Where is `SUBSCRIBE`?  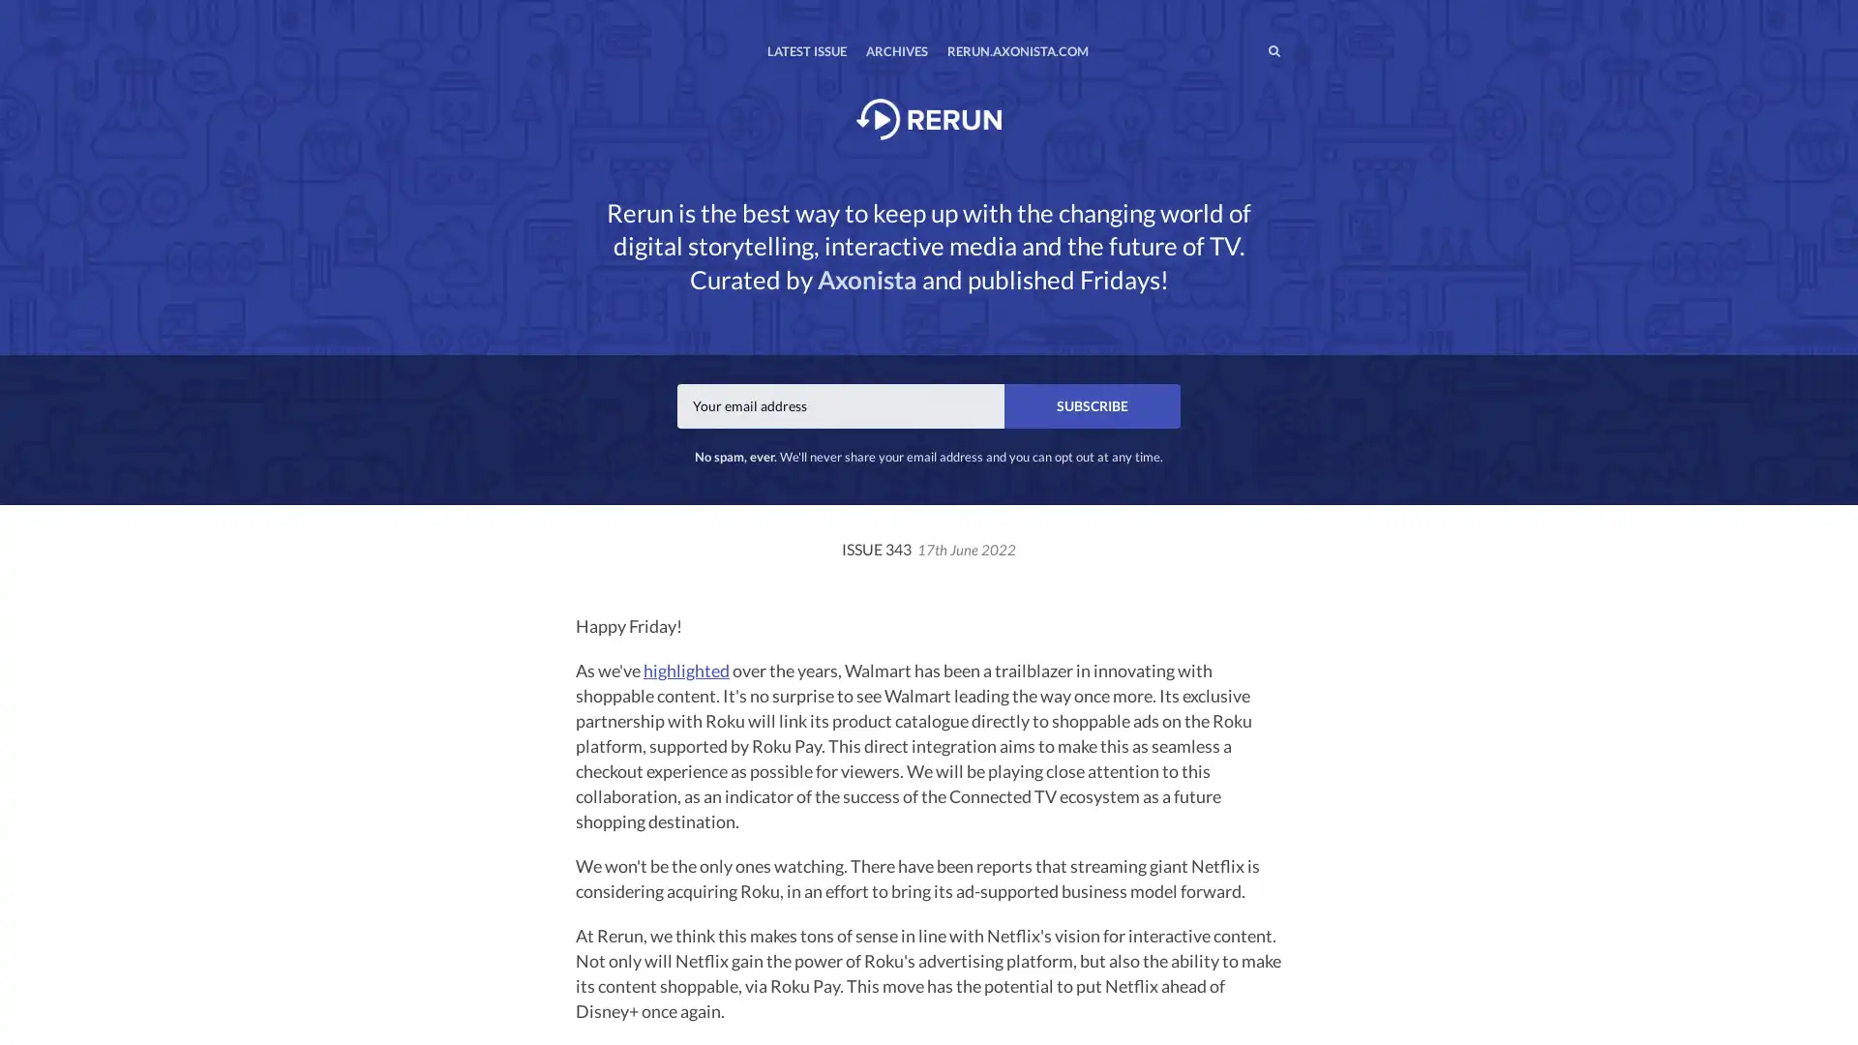 SUBSCRIBE is located at coordinates (1092, 404).